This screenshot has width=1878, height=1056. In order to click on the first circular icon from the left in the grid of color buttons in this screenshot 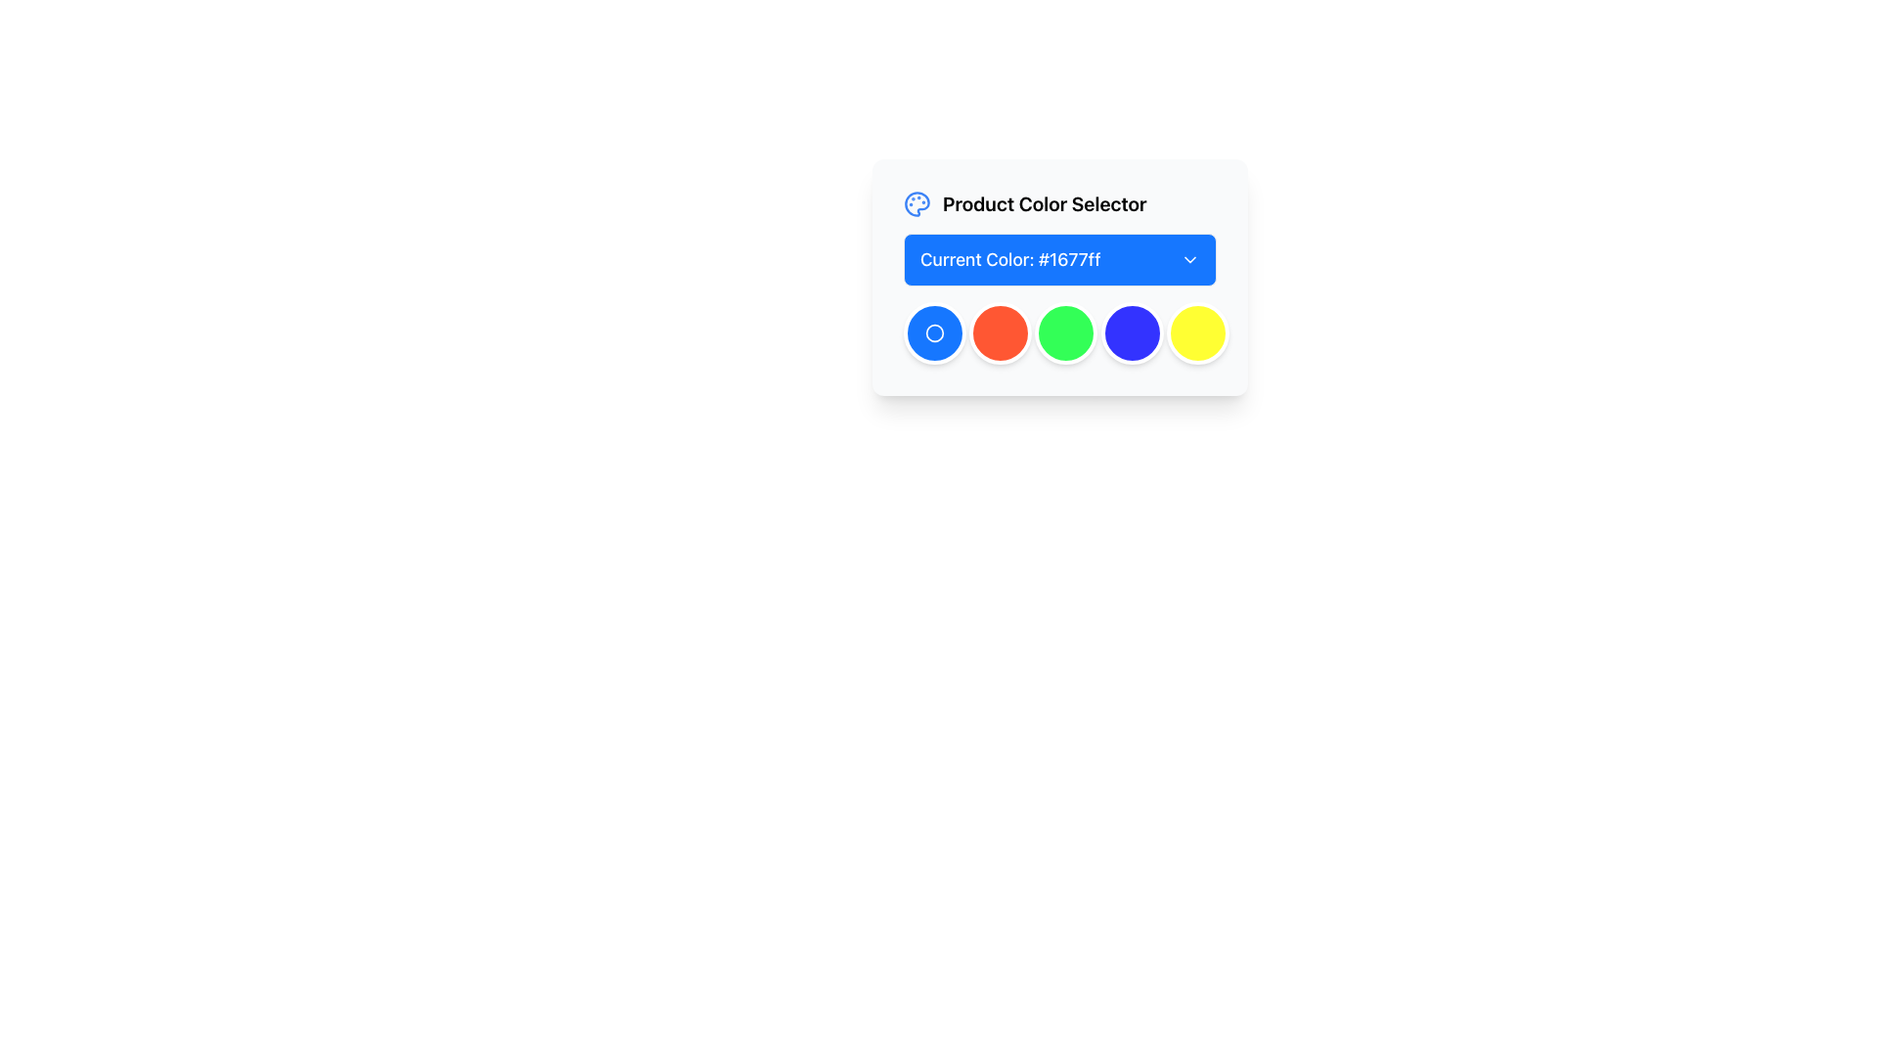, I will do `click(933, 331)`.